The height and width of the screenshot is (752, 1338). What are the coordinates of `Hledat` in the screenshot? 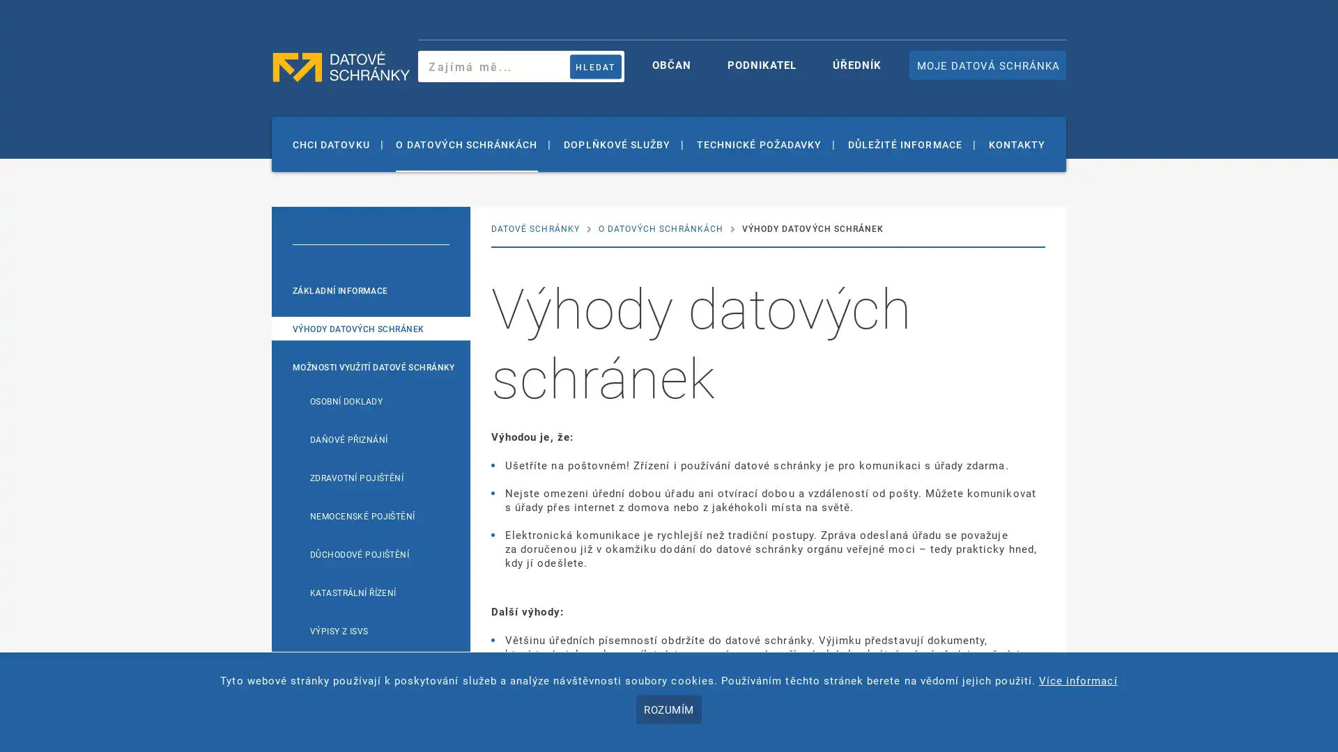 It's located at (595, 66).